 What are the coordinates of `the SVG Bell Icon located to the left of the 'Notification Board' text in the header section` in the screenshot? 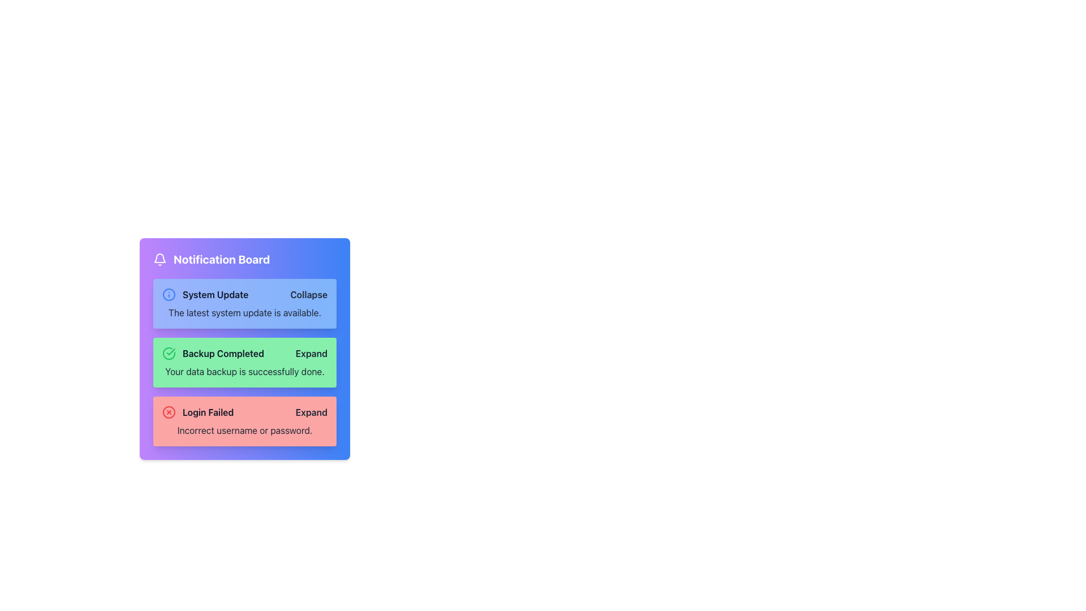 It's located at (160, 260).